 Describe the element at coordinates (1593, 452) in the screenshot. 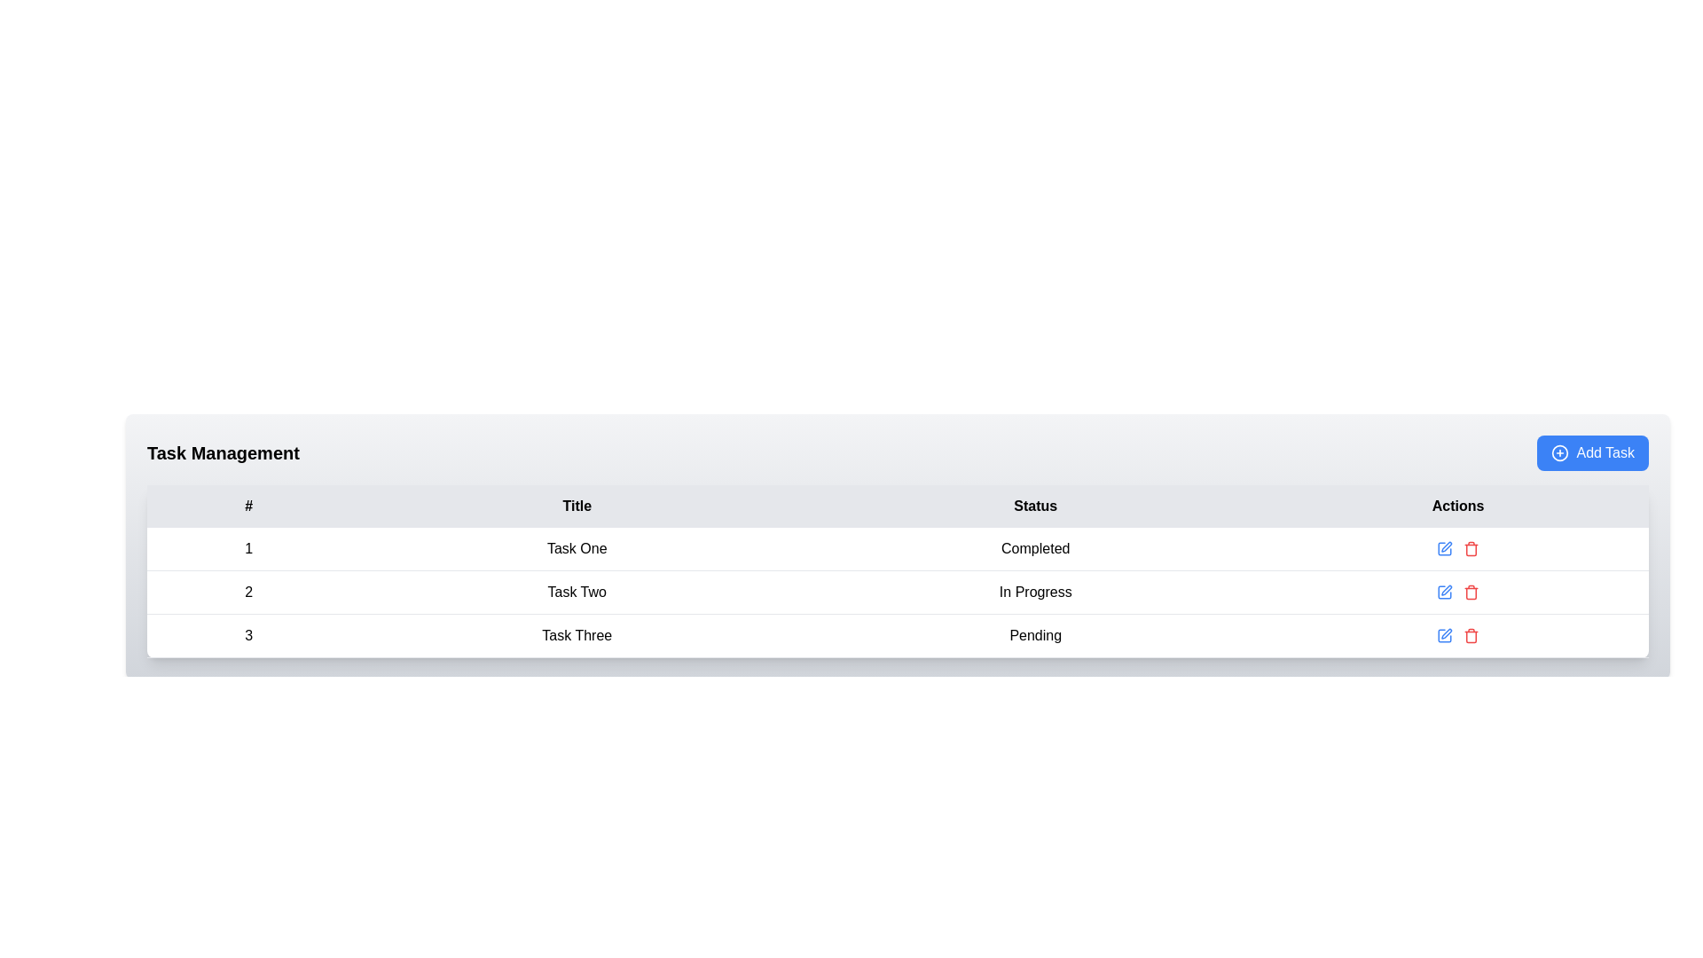

I see `the 'Add Task' button located in the top-right corner of the 'Task Management' interface` at that location.